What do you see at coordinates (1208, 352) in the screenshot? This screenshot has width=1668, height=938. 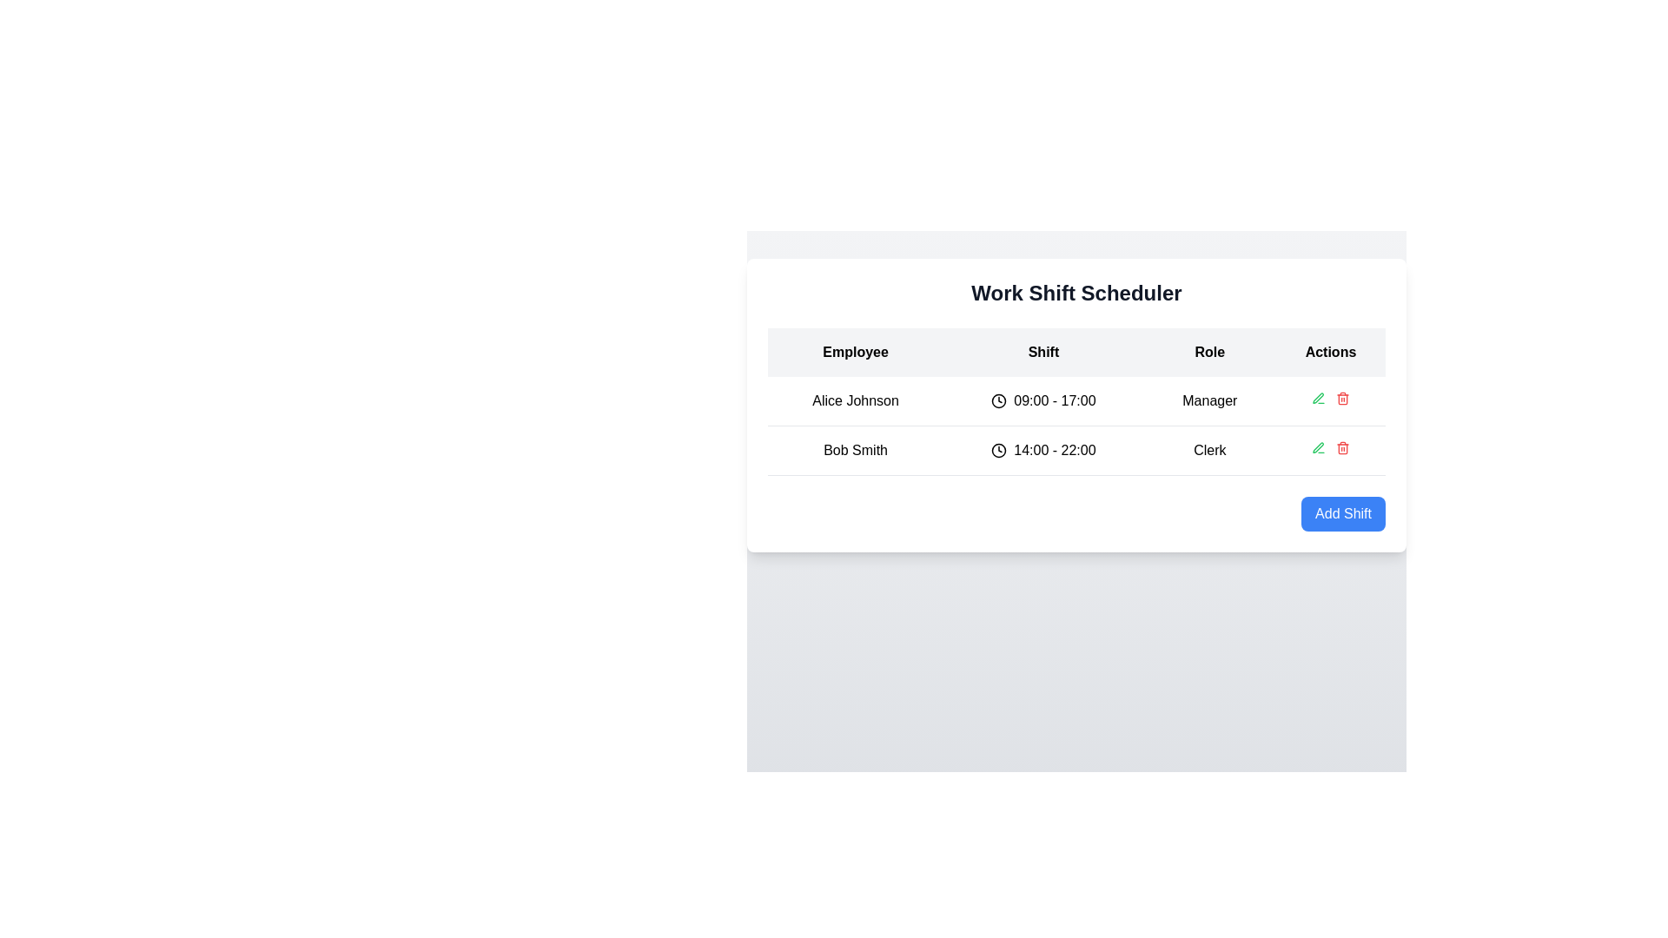 I see `the text label 'Role', which is styled in bold black font on a light gray background and is located in the third column of the header in the 'Work Shift Scheduler' panel` at bounding box center [1208, 352].